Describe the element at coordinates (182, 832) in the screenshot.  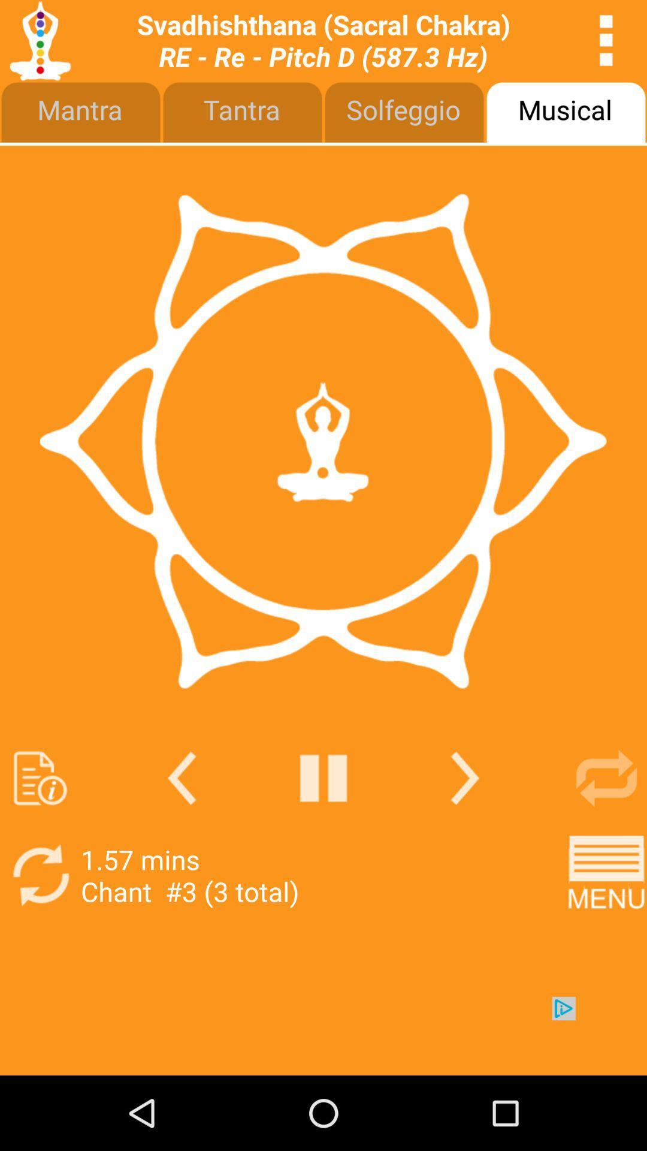
I see `the arrow_backward icon` at that location.